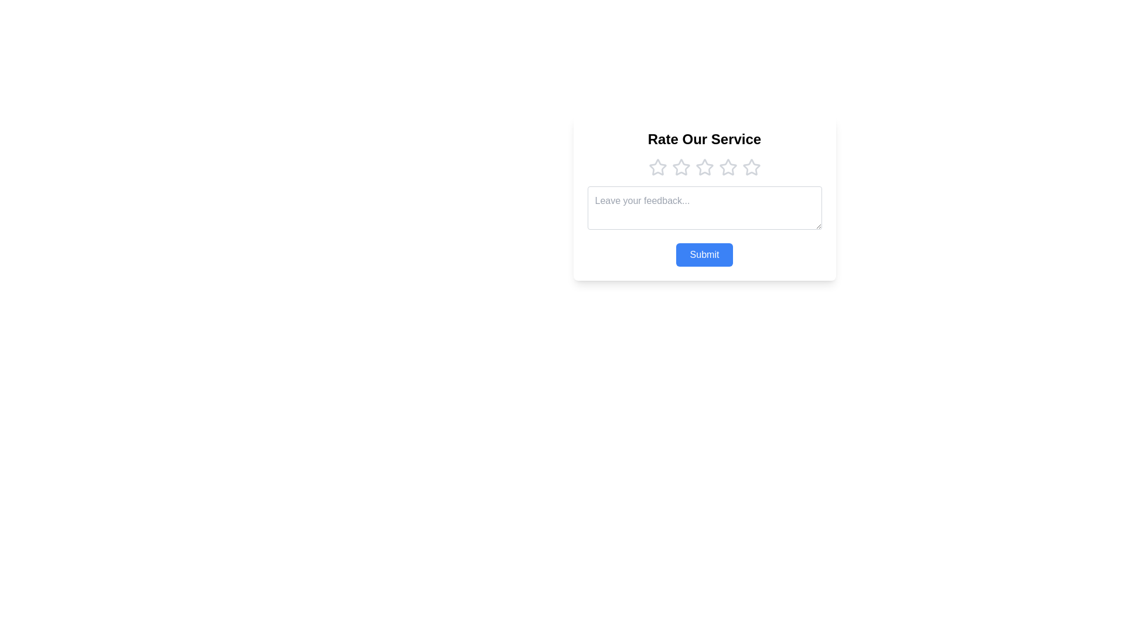 The image size is (1125, 633). I want to click on the clickable rating icon styled as a star, which is the fifth star from the left in the rating system, positioned above the text box labeled 'Leave your feedback...' and the blue 'Submit' button, so click(751, 167).